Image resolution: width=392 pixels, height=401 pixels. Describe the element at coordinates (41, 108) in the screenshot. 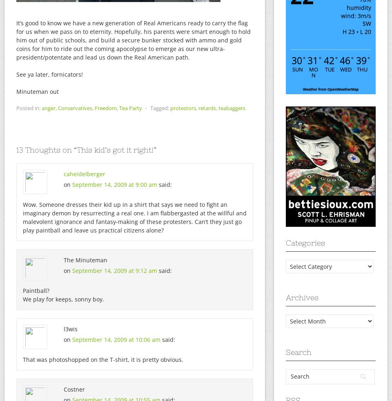

I see `'anger'` at that location.